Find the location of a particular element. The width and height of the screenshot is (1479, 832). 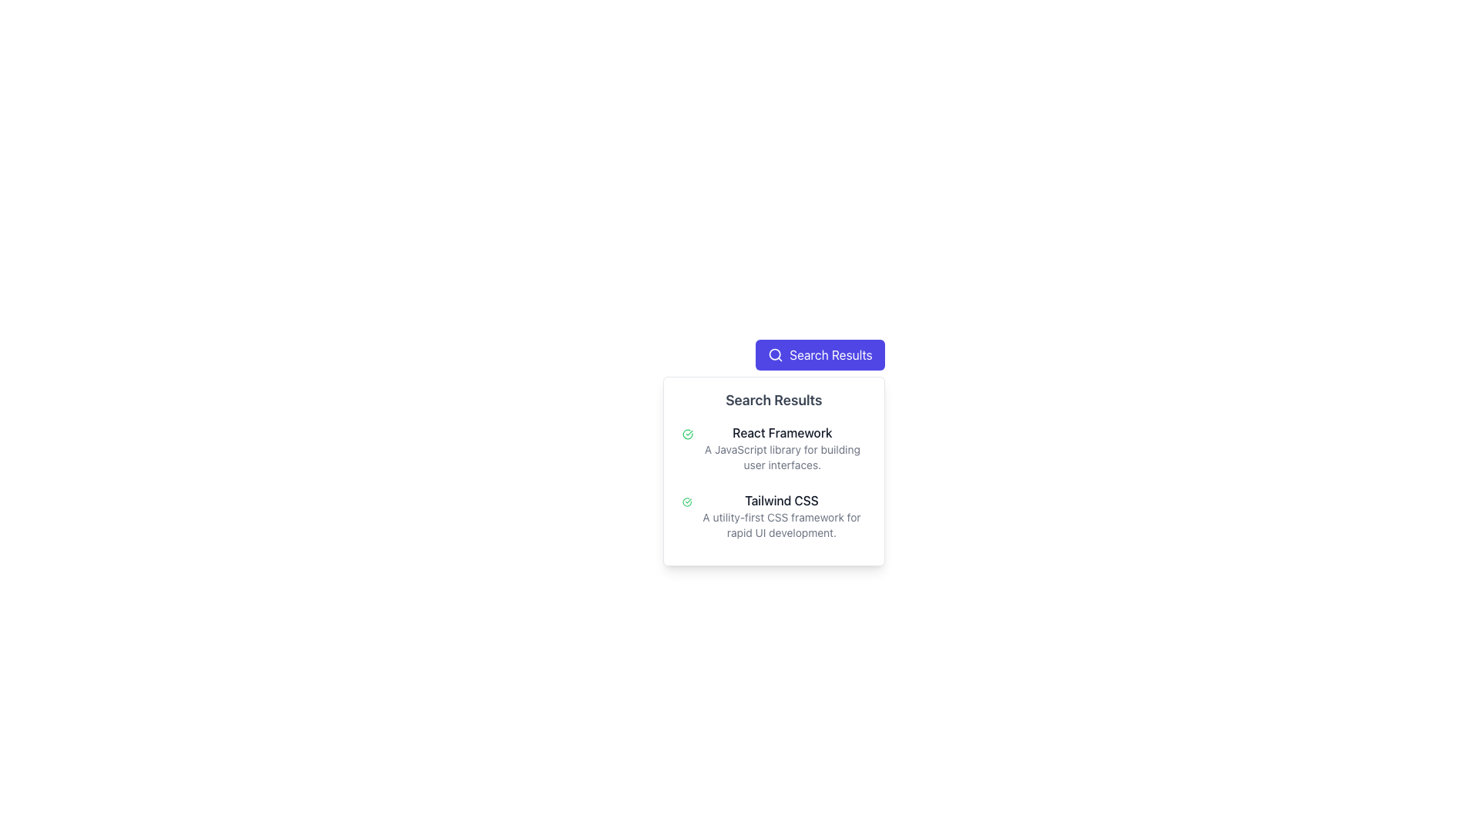

the circular green checkmark icon that is the first in the list, located to the left of the 'React Framework' title and description is located at coordinates (686, 434).